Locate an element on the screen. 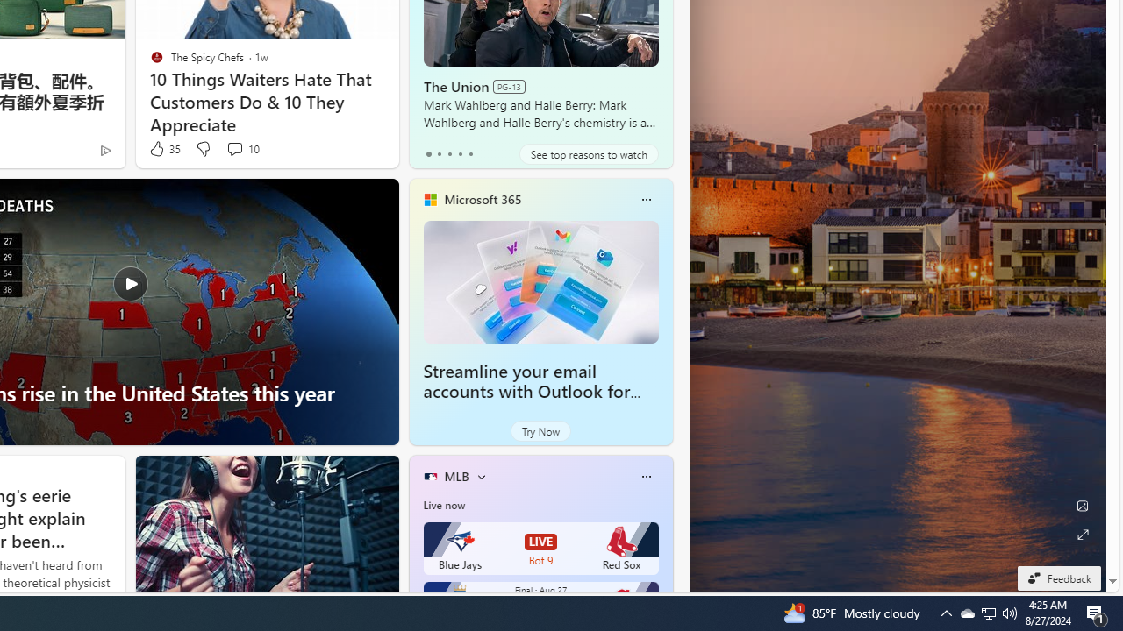 This screenshot has width=1123, height=631. 'Expand background' is located at coordinates (1081, 534).